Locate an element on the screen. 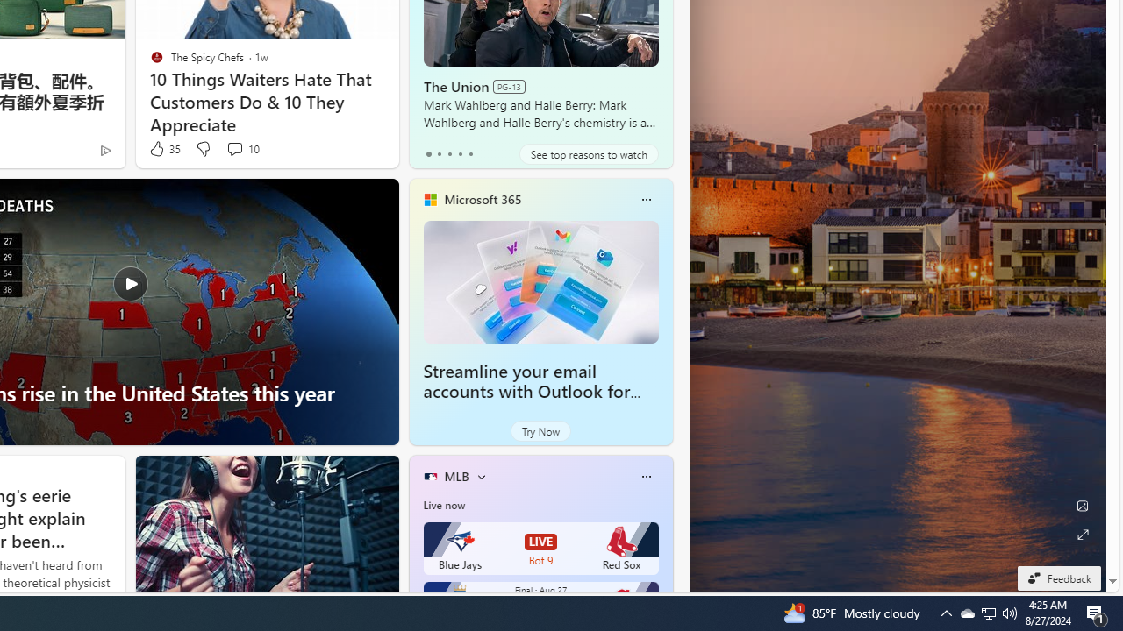 This screenshot has width=1123, height=631. 'Expand background' is located at coordinates (1081, 534).